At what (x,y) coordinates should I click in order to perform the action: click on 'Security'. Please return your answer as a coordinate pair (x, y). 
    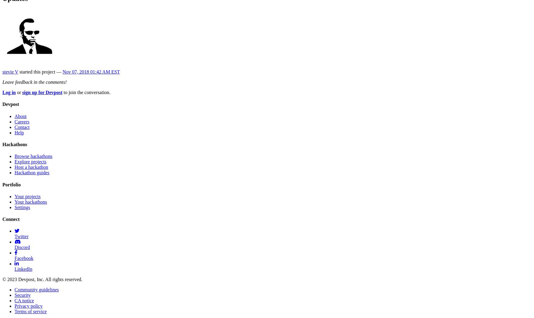
    Looking at the image, I should click on (22, 295).